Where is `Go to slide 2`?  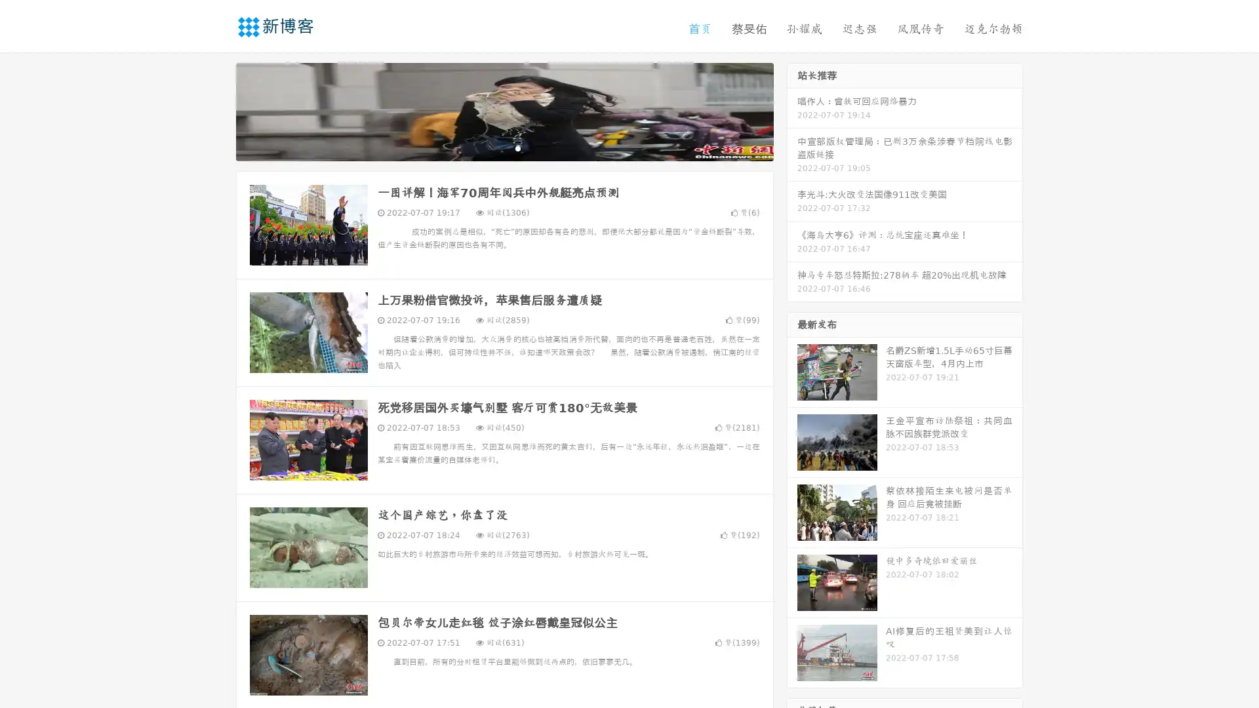 Go to slide 2 is located at coordinates (504, 147).